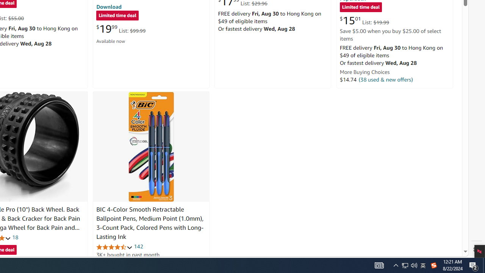 This screenshot has width=485, height=273. Describe the element at coordinates (114, 247) in the screenshot. I see `'4.6 out of 5 stars'` at that location.